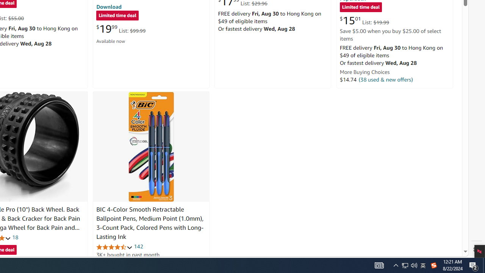 This screenshot has width=485, height=273. Describe the element at coordinates (114, 247) in the screenshot. I see `'4.6 out of 5 stars'` at that location.